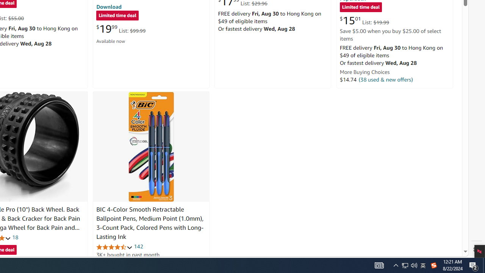 This screenshot has width=485, height=273. Describe the element at coordinates (114, 247) in the screenshot. I see `'4.6 out of 5 stars'` at that location.